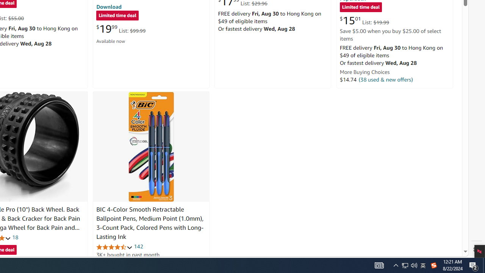 This screenshot has width=485, height=273. Describe the element at coordinates (114, 247) in the screenshot. I see `'4.6 out of 5 stars'` at that location.